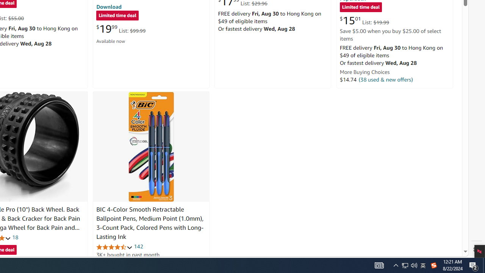 This screenshot has width=485, height=273. Describe the element at coordinates (114, 247) in the screenshot. I see `'4.6 out of 5 stars'` at that location.